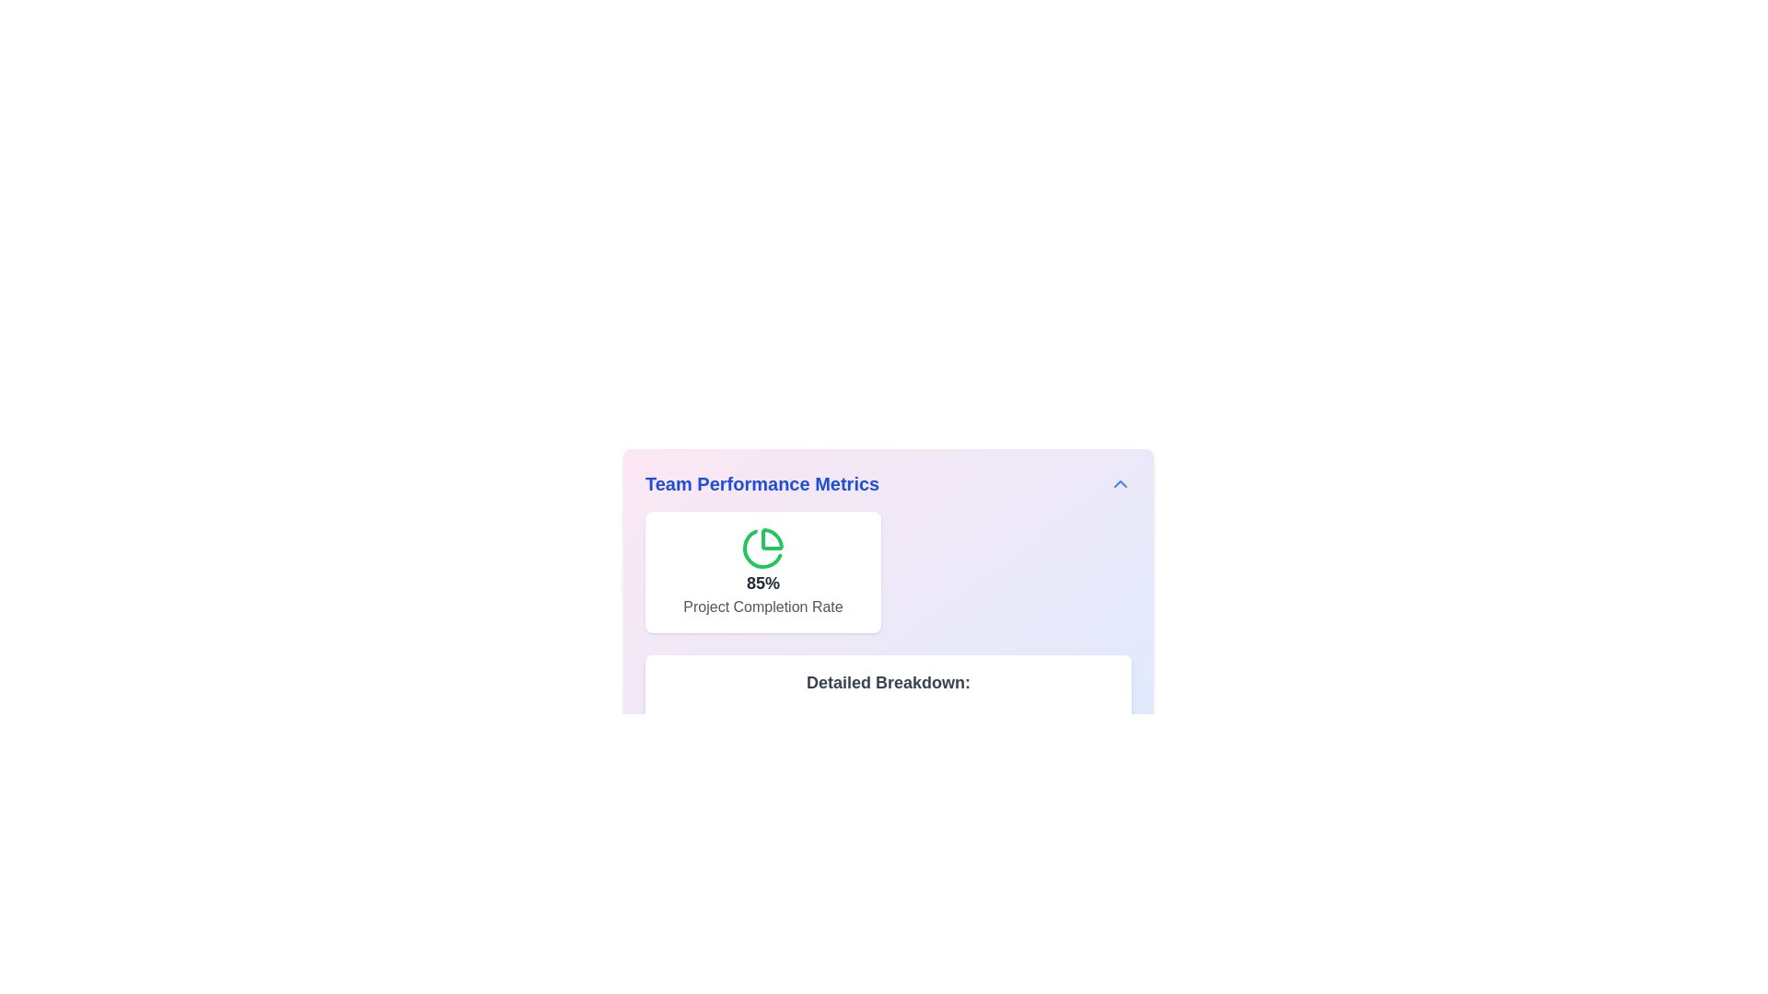 This screenshot has width=1768, height=994. Describe the element at coordinates (888, 682) in the screenshot. I see `the Text Label that categorizes the detailed statistical breakdown, positioned below the 'Team Performance Metrics' section` at that location.